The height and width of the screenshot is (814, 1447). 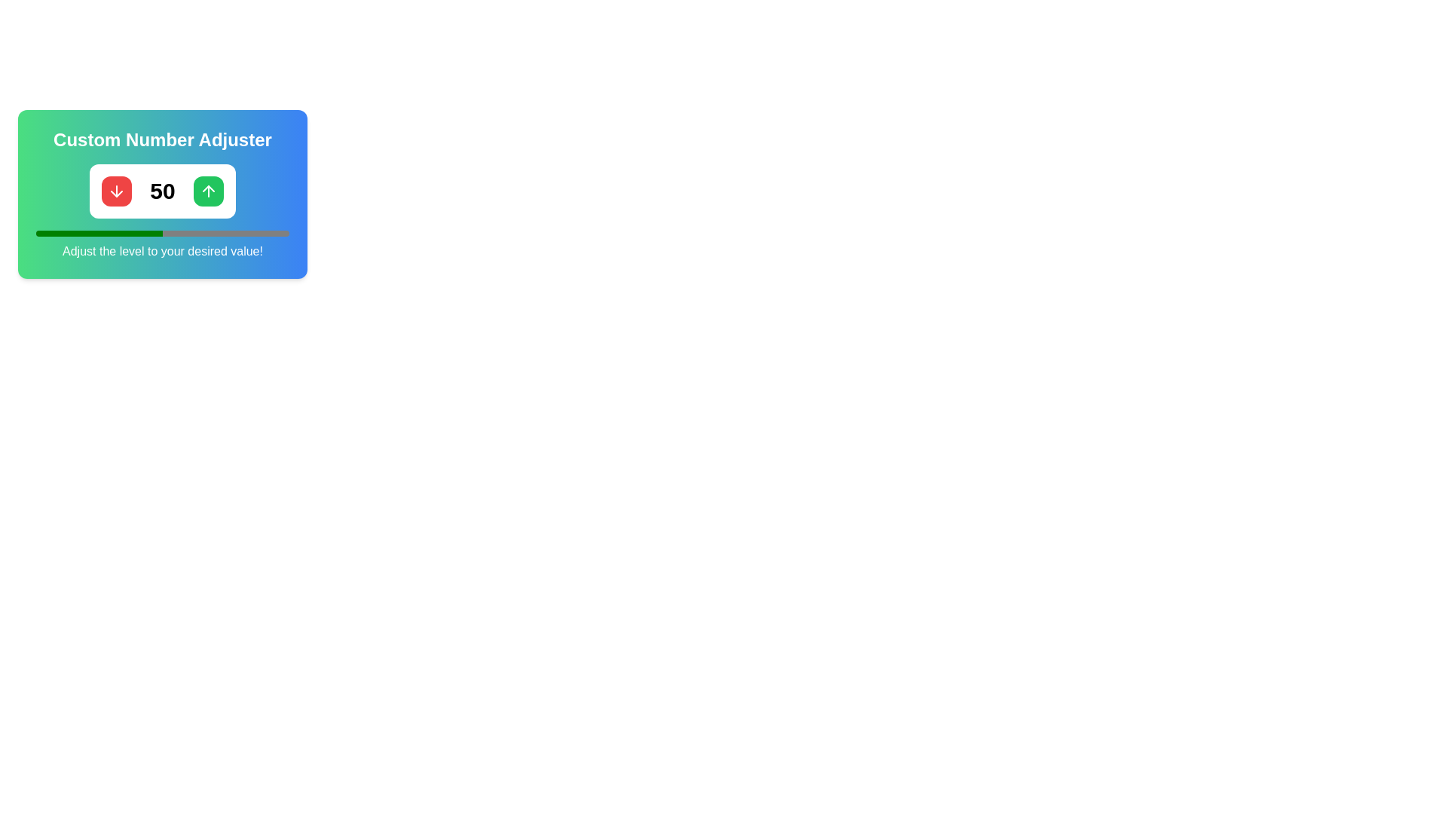 What do you see at coordinates (163, 251) in the screenshot?
I see `the instructional Text label located at the bottom of the 'Custom Number Adjuster' box, which provides guidance on adjusting a numerical value` at bounding box center [163, 251].